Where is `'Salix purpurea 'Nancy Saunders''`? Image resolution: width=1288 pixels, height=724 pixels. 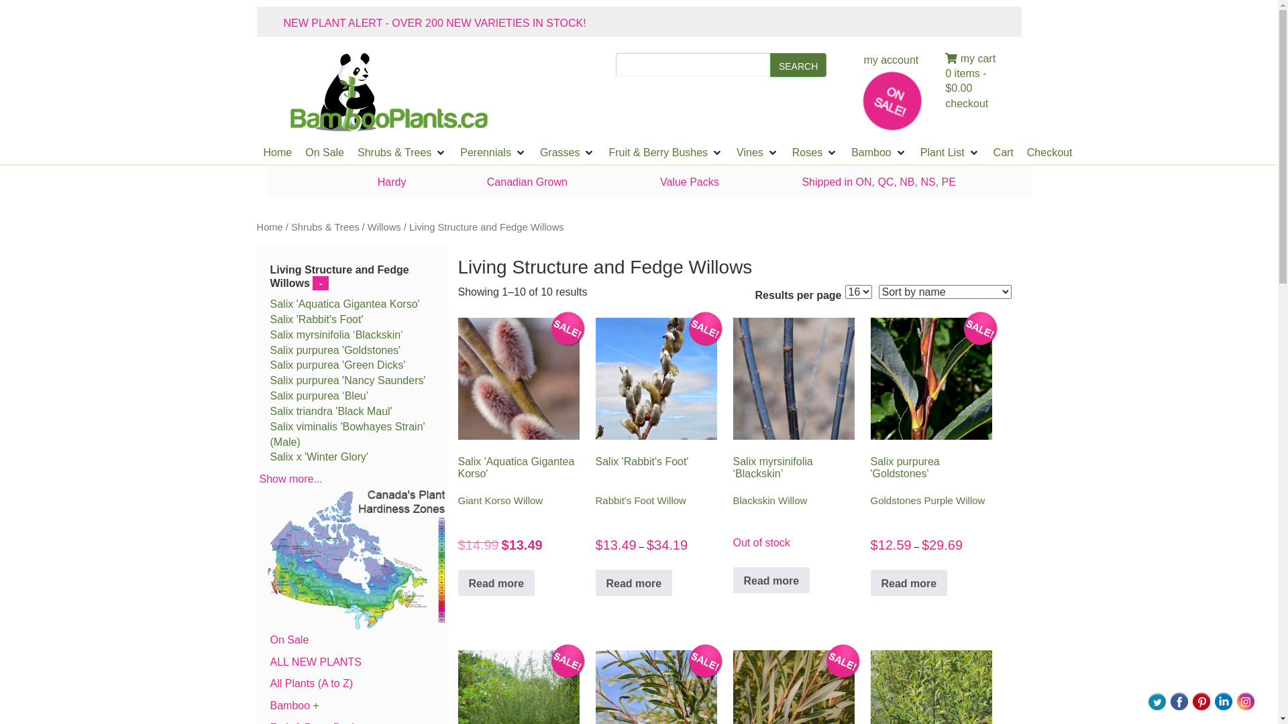 'Salix purpurea 'Nancy Saunders'' is located at coordinates (347, 380).